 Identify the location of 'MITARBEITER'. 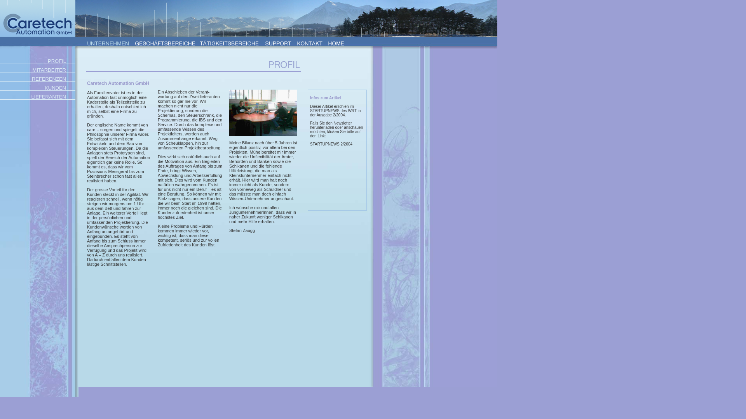
(0, 70).